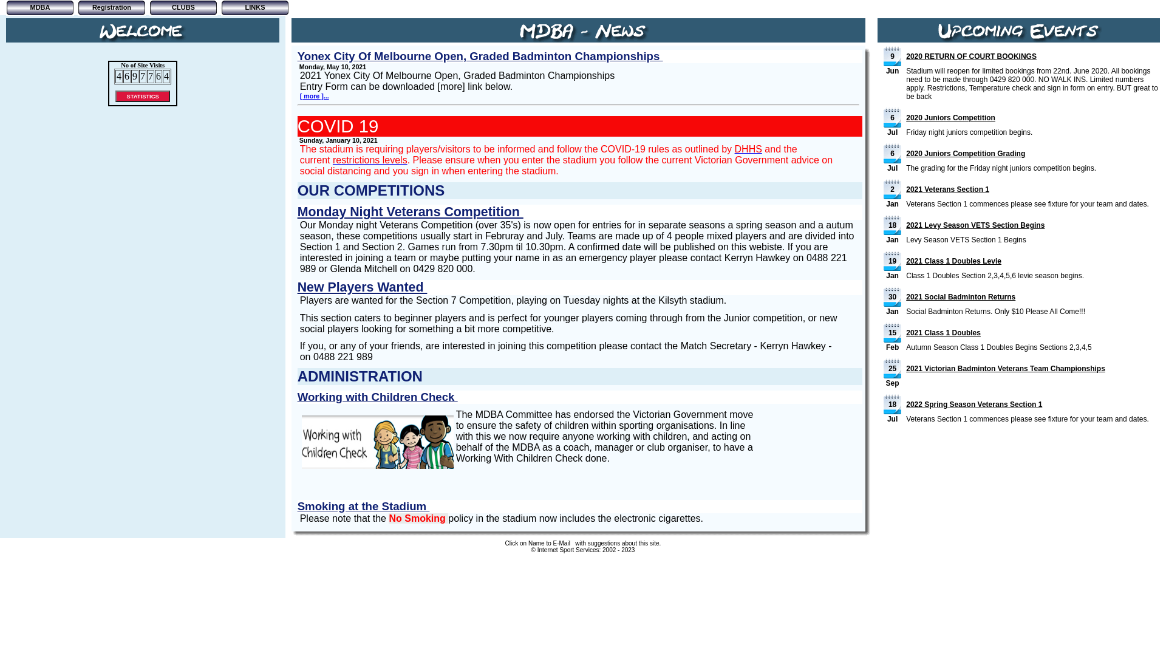 This screenshot has width=1166, height=656. What do you see at coordinates (143, 95) in the screenshot?
I see `'STATISTICS'` at bounding box center [143, 95].